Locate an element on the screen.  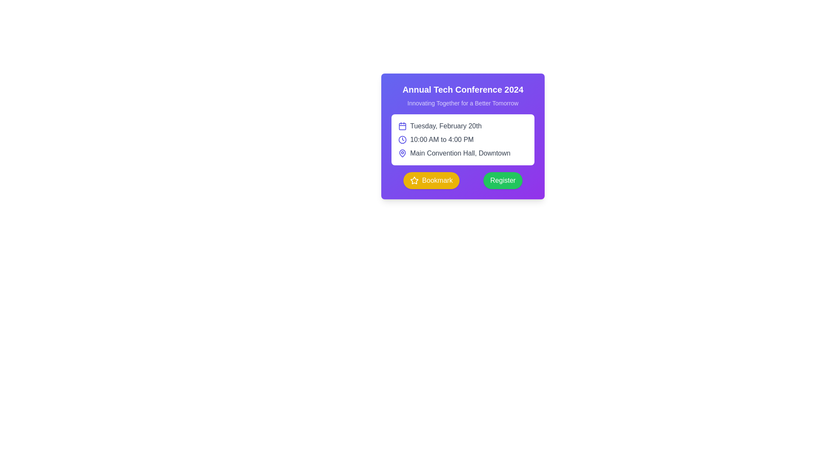
the small rectangular shape with rounded corners that is part of the SVG calendar icon, located in the top-left section of the details card adjacent to the text 'Tuesday, February 20th.' is located at coordinates (402, 126).